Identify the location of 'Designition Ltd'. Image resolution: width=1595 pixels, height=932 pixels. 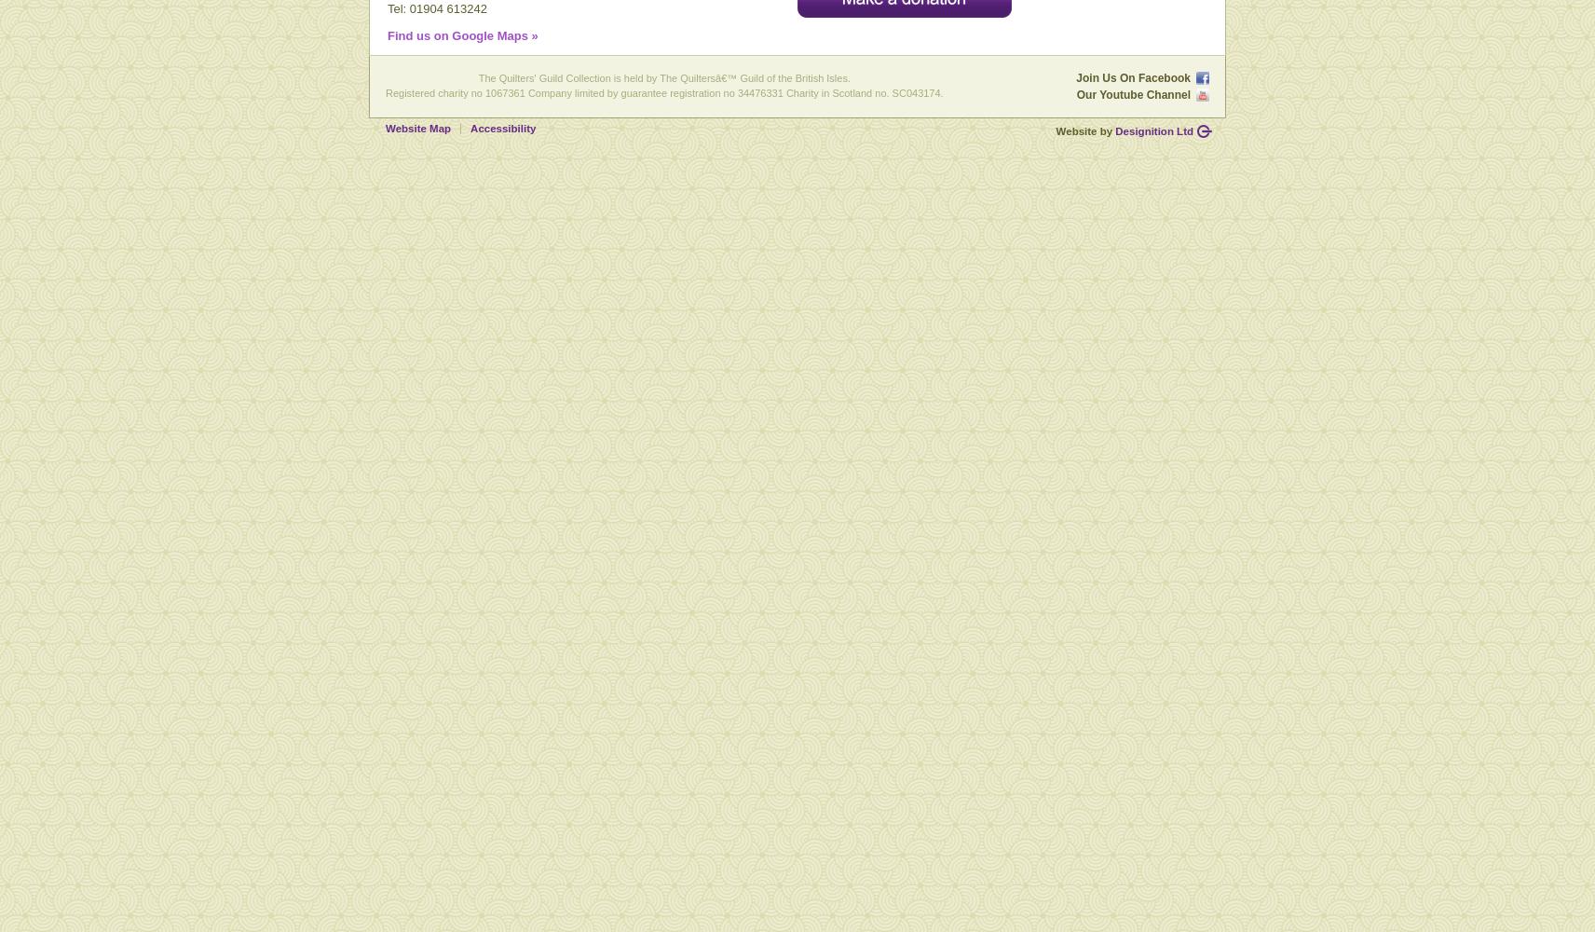
(1153, 130).